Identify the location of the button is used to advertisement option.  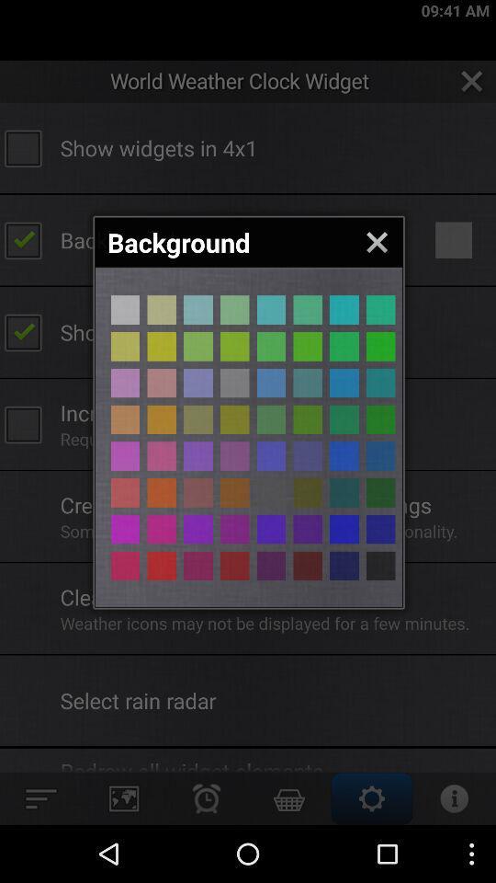
(234, 310).